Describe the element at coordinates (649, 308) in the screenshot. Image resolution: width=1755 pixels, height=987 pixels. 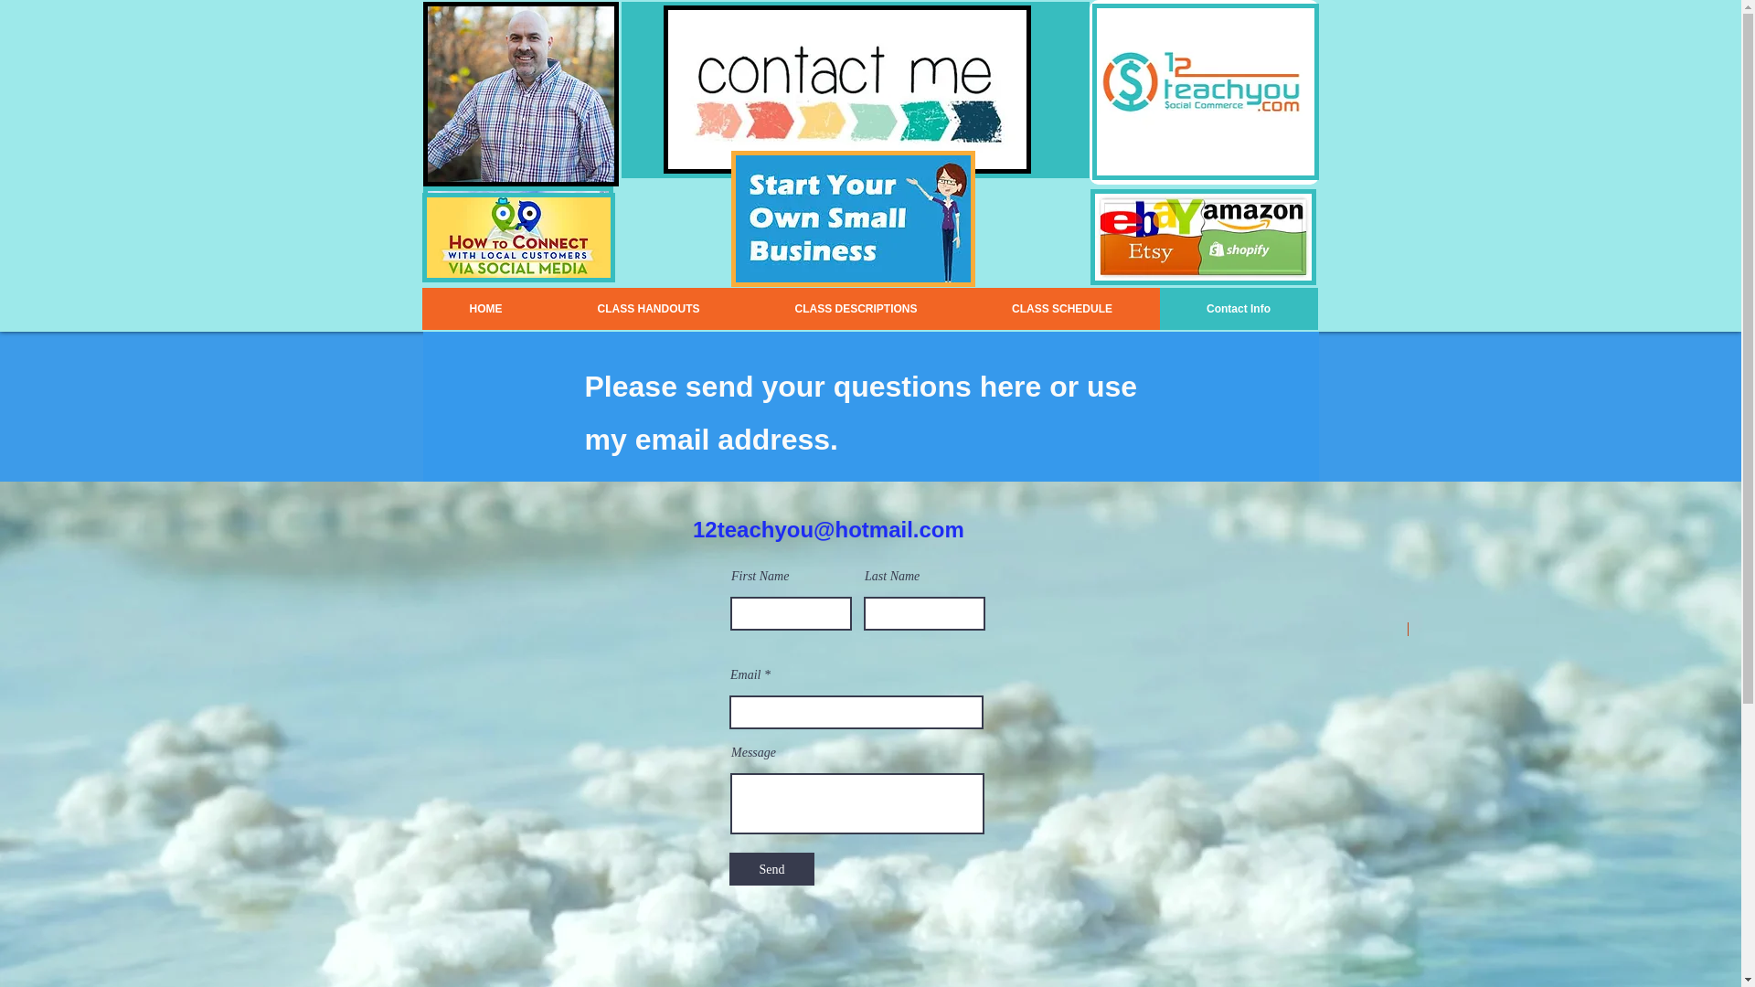
I see `'CLASS HANDOUTS'` at that location.